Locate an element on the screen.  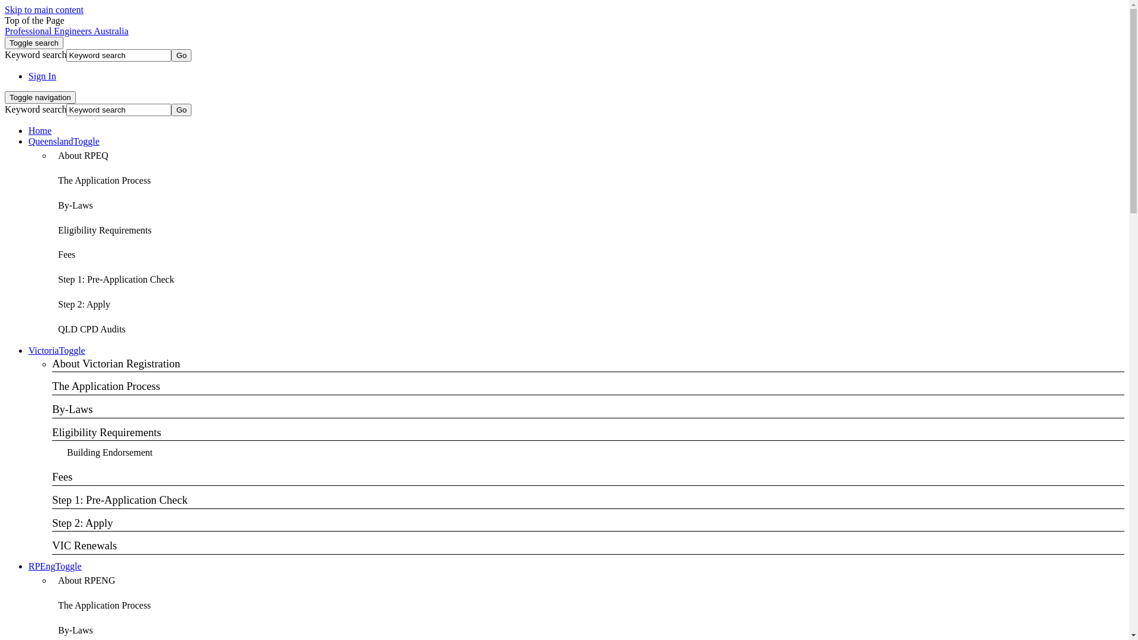
'Skip to main content' is located at coordinates (5, 9).